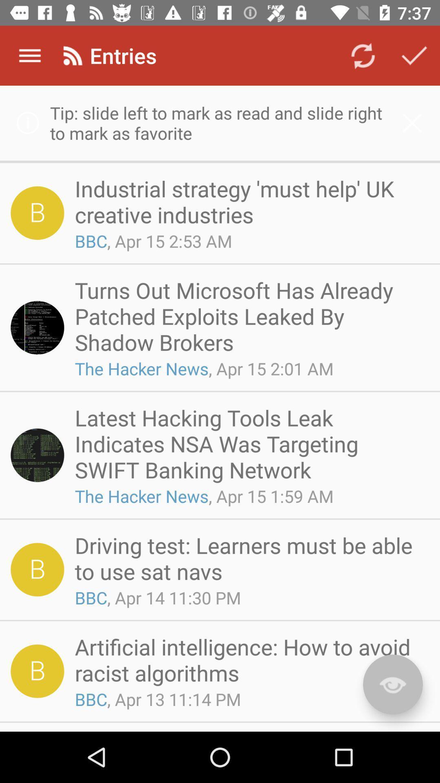 The image size is (440, 783). Describe the element at coordinates (392, 684) in the screenshot. I see `the app to the right of bbc apr 13 app` at that location.